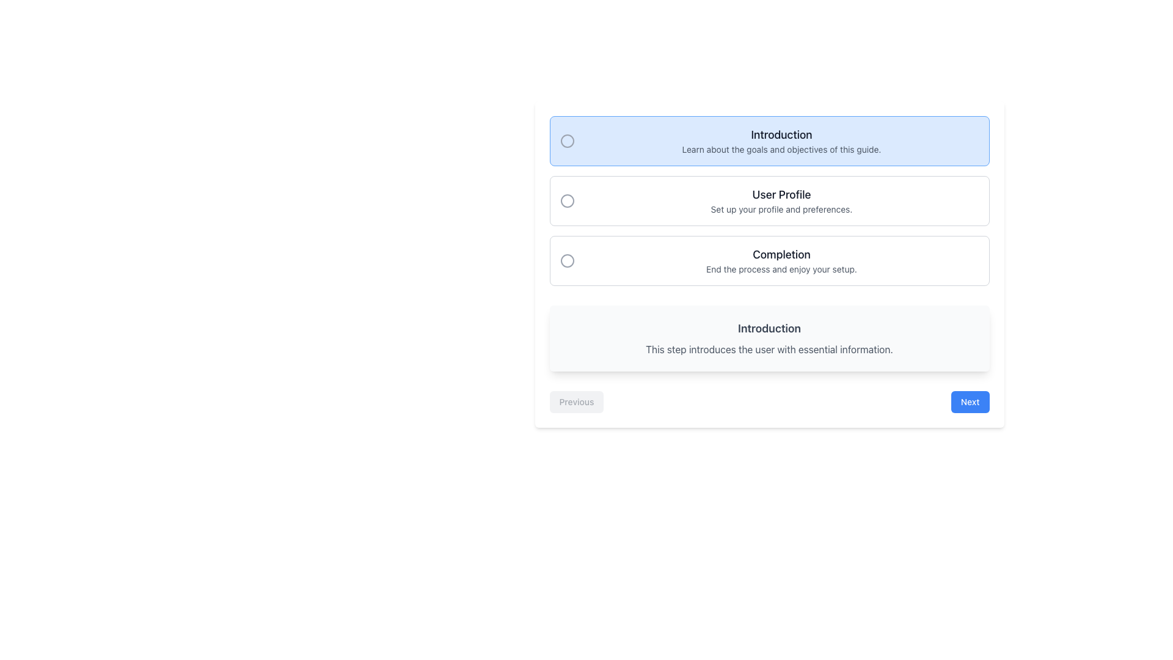 This screenshot has width=1173, height=660. I want to click on the Text Label styled with smaller gray text located below the bolded heading 'Introduction', so click(769, 349).